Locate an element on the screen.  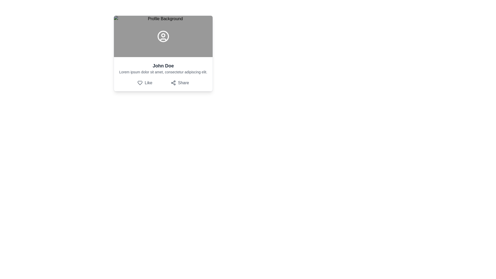
the largest circular SVG graphic component located within the user profile icon at the top section of the user profile card is located at coordinates (163, 36).